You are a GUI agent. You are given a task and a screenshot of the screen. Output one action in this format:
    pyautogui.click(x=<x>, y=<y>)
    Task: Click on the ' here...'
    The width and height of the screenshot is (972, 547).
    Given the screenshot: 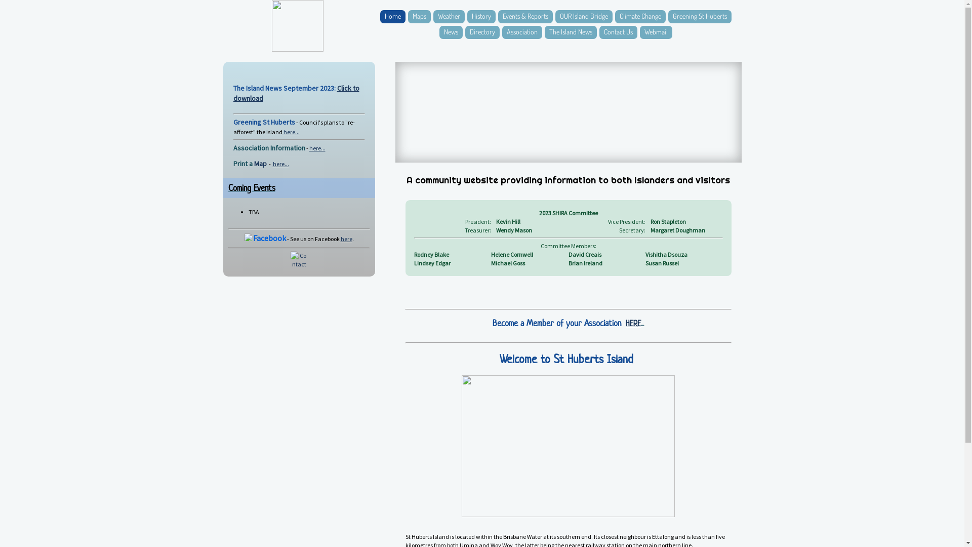 What is the action you would take?
    pyautogui.click(x=291, y=131)
    